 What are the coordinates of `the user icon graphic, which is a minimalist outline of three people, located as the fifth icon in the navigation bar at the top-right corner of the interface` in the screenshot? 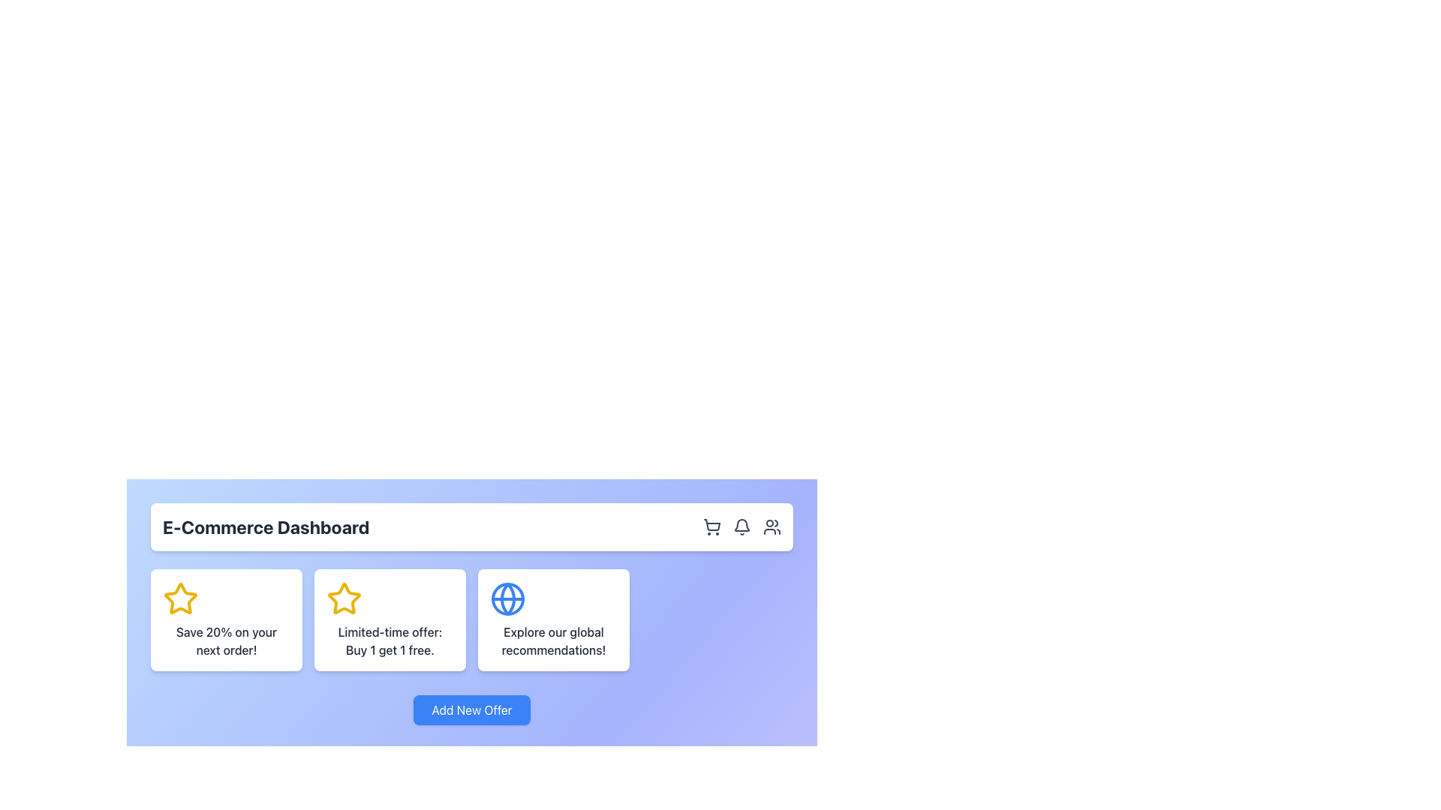 It's located at (772, 526).